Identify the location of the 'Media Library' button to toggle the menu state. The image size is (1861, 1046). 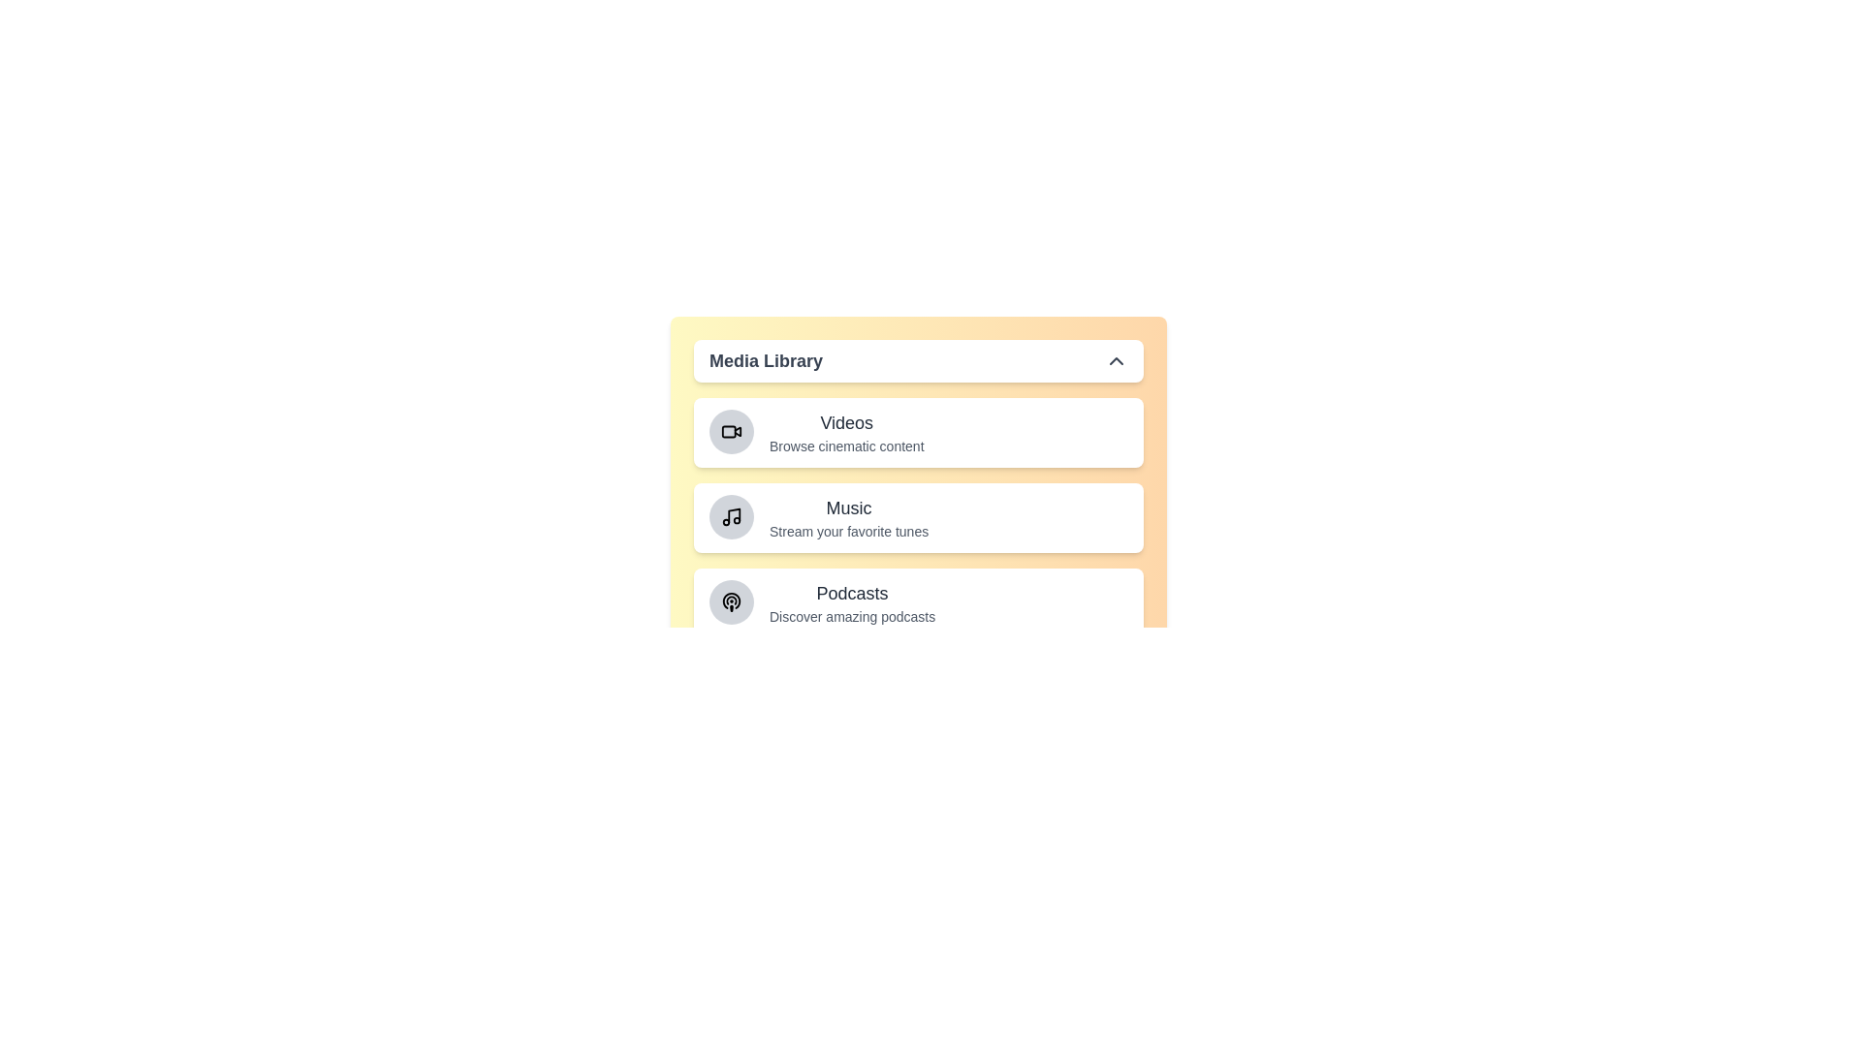
(918, 361).